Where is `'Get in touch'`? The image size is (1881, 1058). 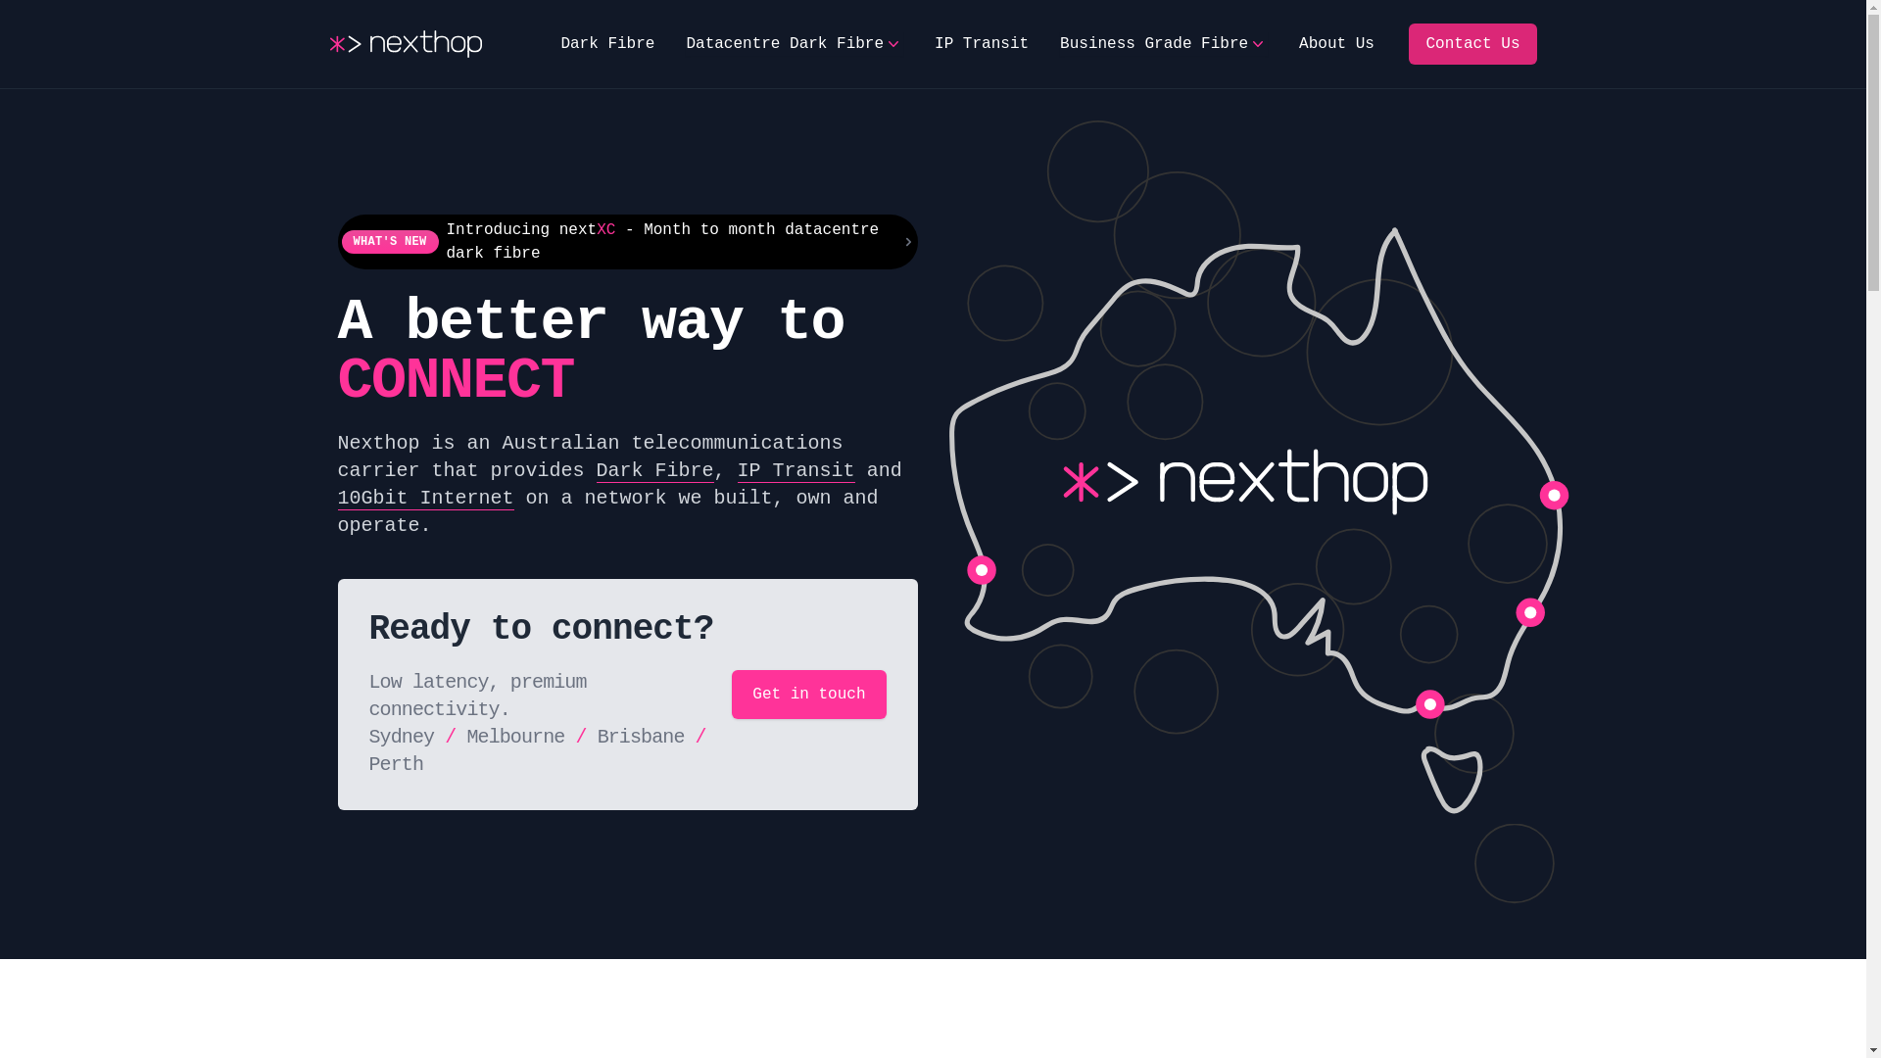 'Get in touch' is located at coordinates (808, 694).